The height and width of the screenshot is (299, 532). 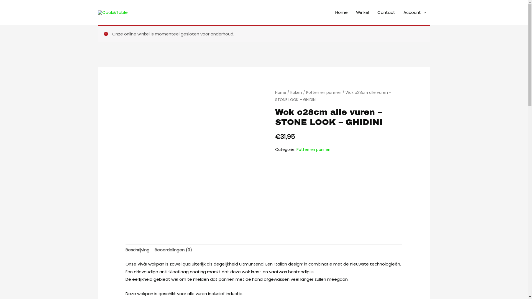 I want to click on 'Beoordelingen (0)', so click(x=173, y=250).